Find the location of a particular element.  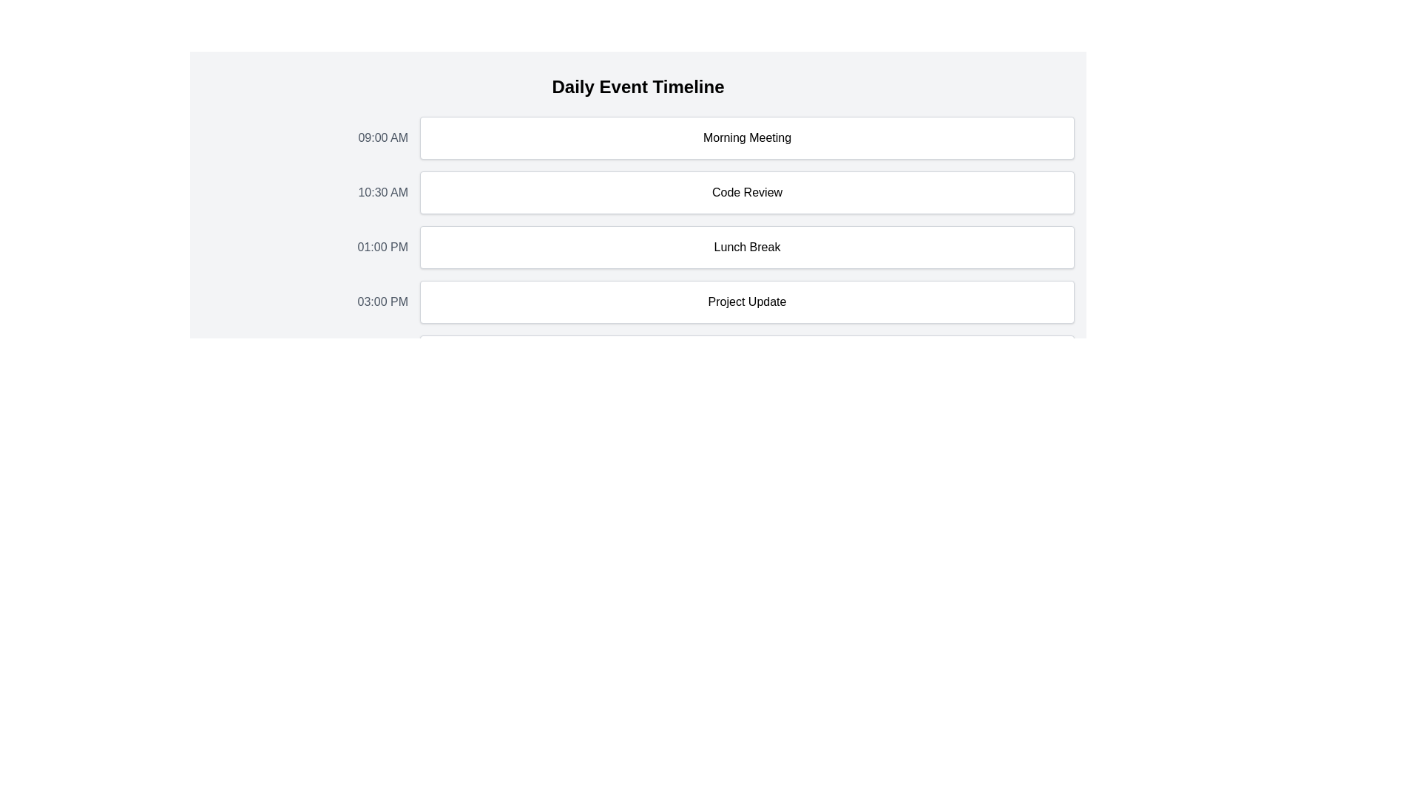

details of the Timeline Event Display which shows the scheduled time and title of the event located between the 'Morning Meeting' and 'Lunch Break' events is located at coordinates (638, 192).